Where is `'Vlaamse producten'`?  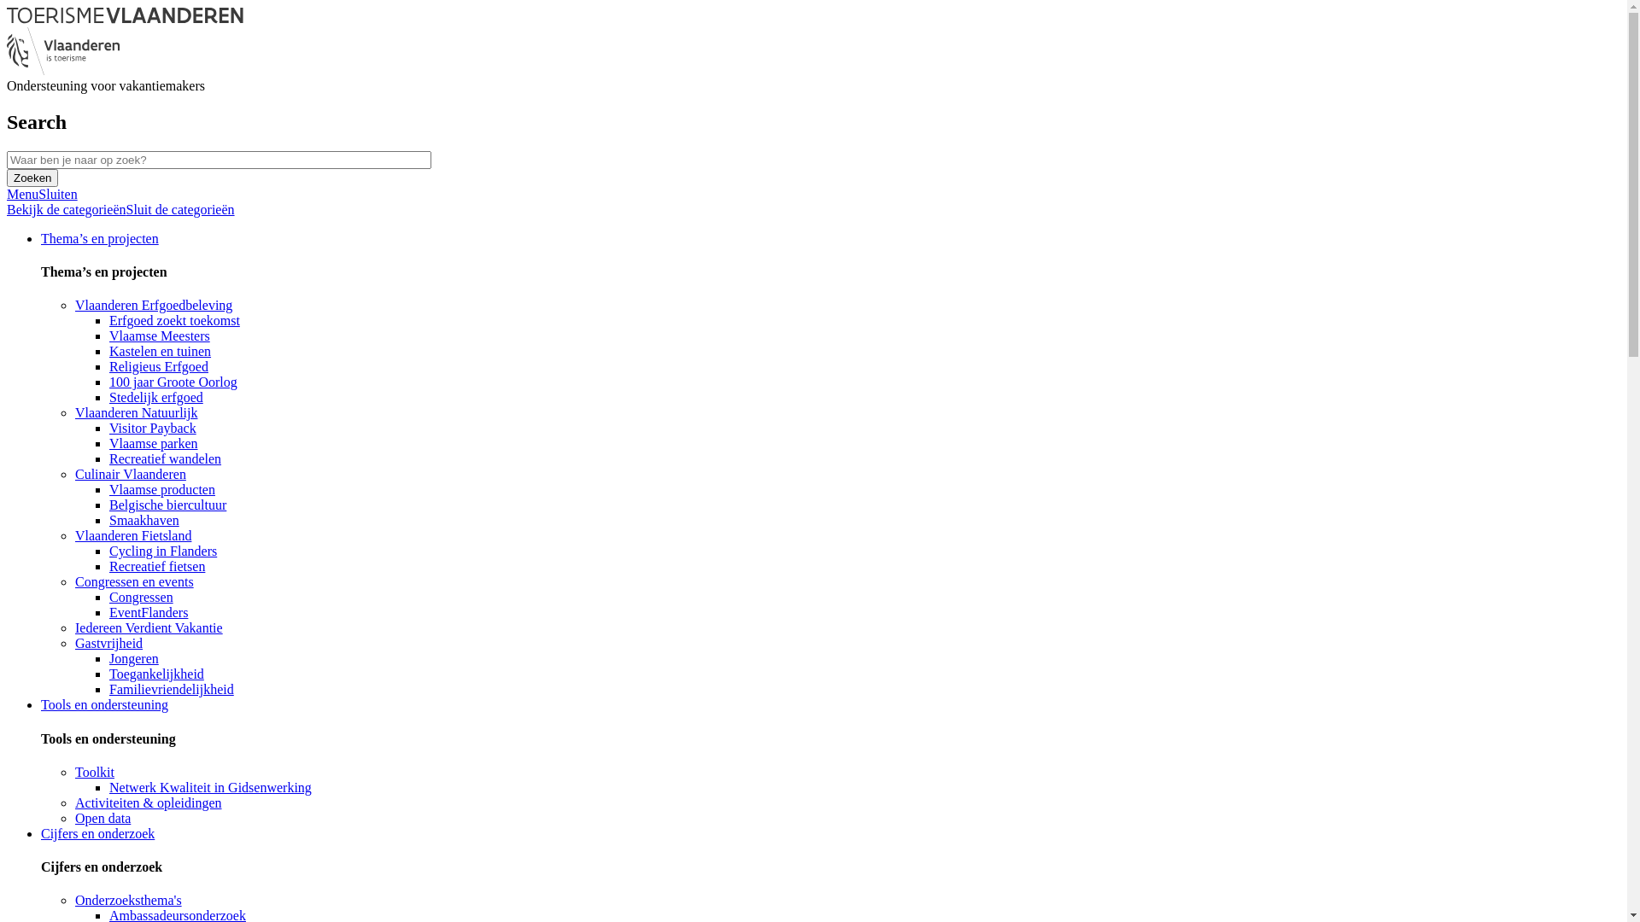 'Vlaamse producten' is located at coordinates (162, 489).